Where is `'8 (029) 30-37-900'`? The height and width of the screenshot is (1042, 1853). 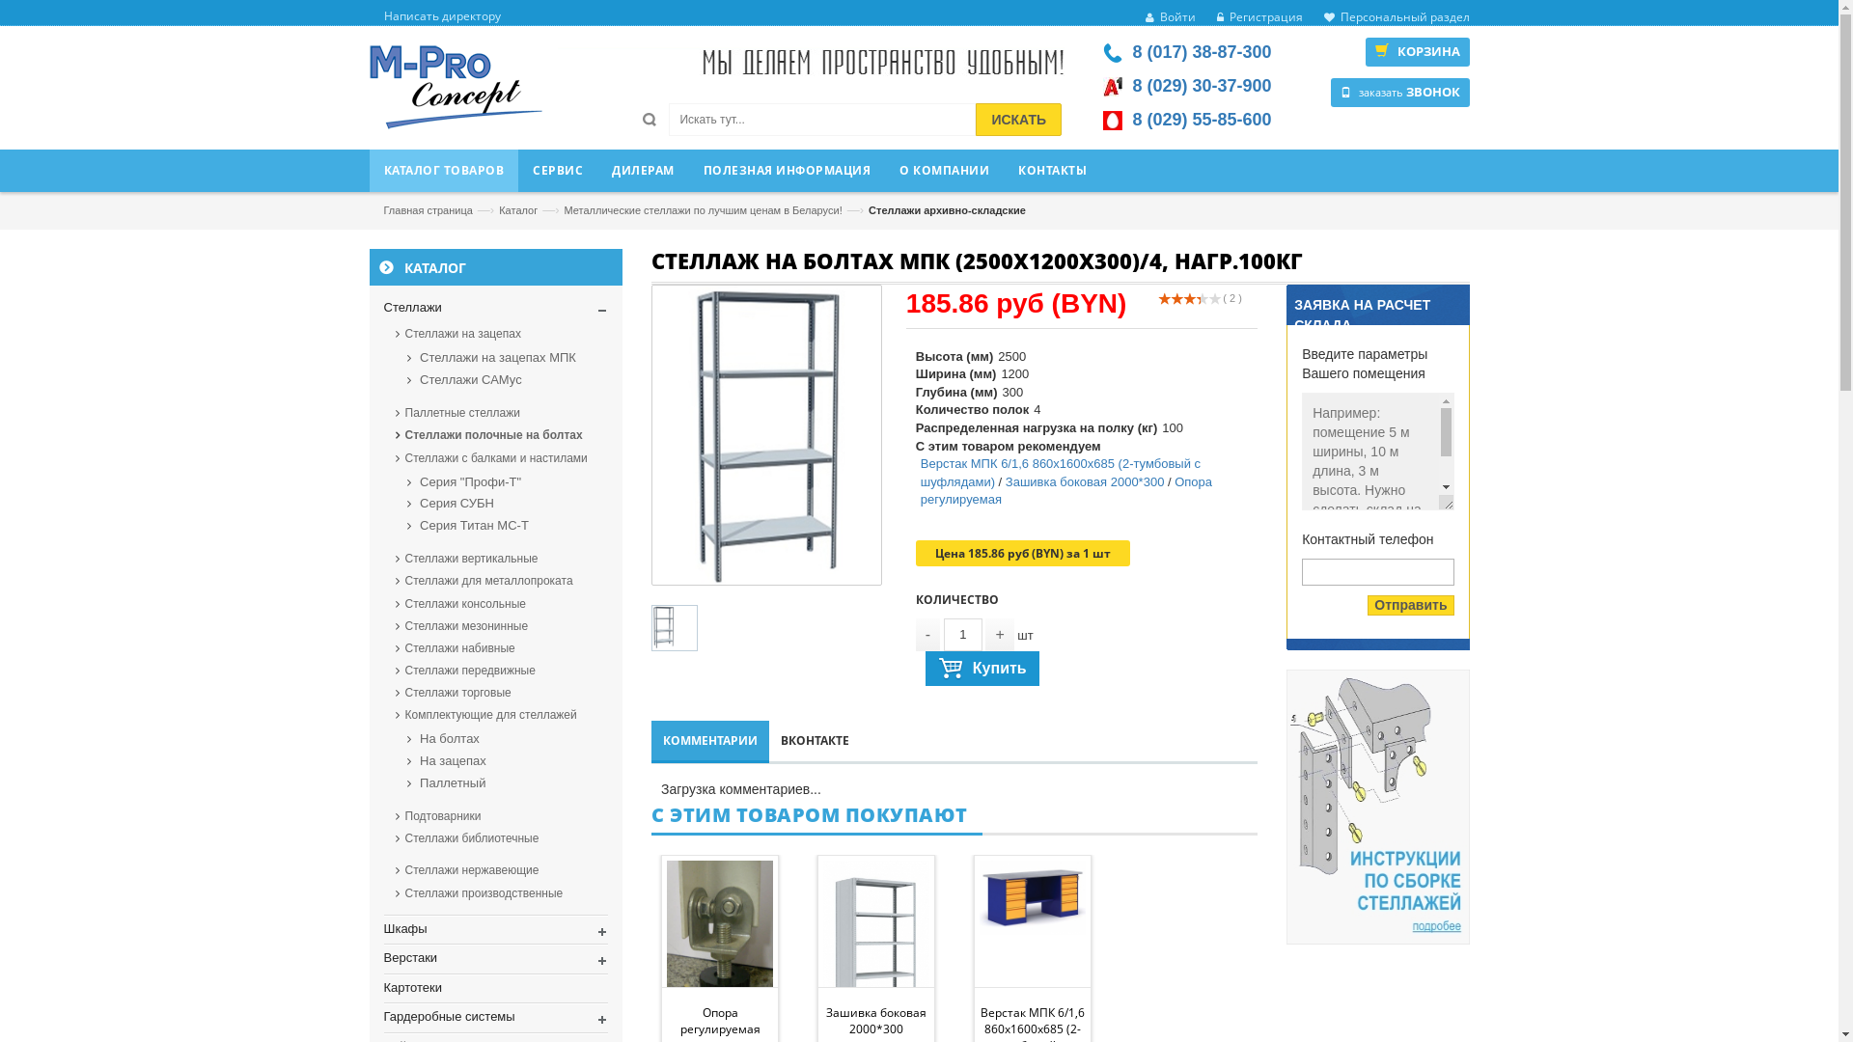 '8 (029) 30-37-900' is located at coordinates (1200, 84).